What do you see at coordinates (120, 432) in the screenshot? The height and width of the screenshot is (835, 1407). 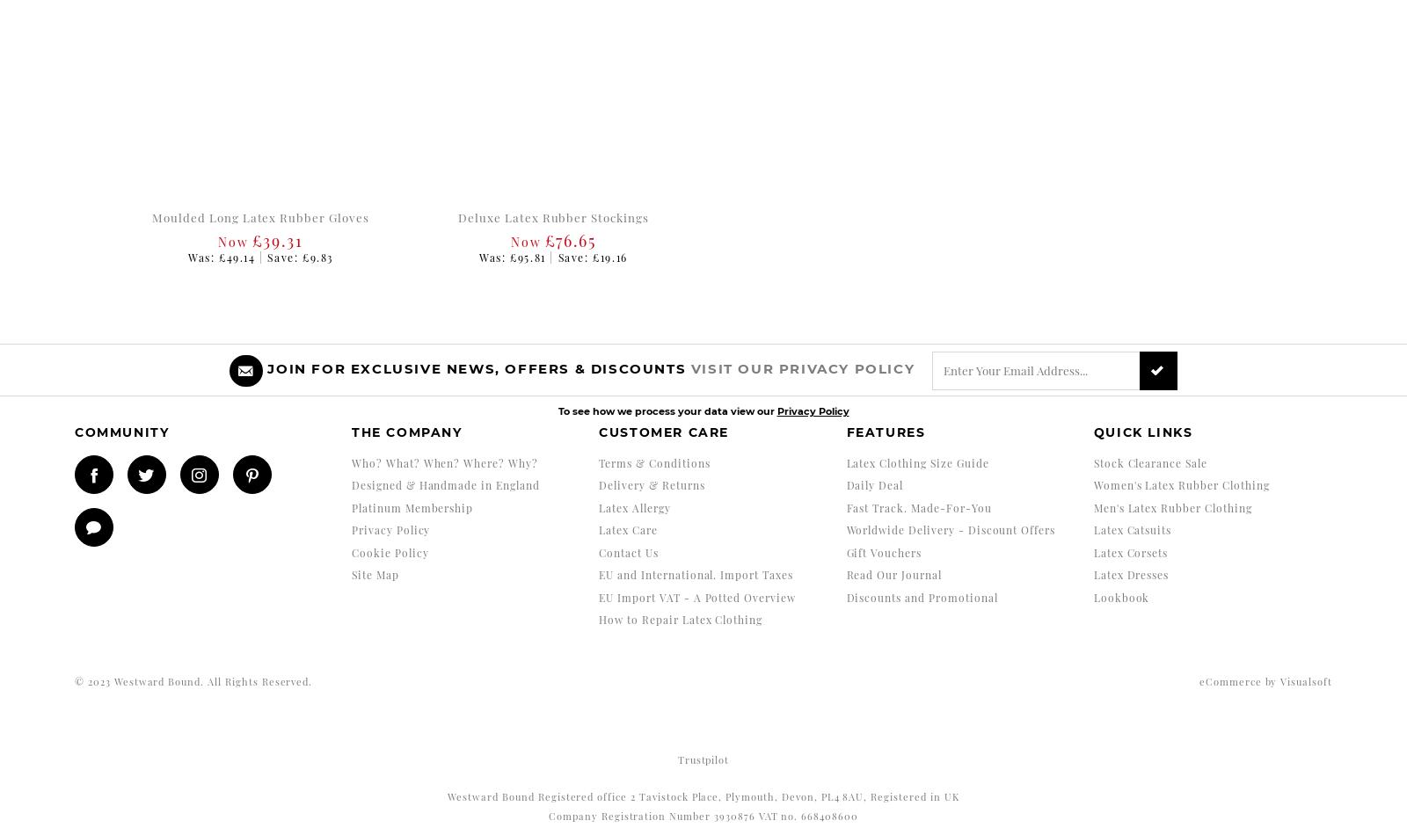 I see `'Community'` at bounding box center [120, 432].